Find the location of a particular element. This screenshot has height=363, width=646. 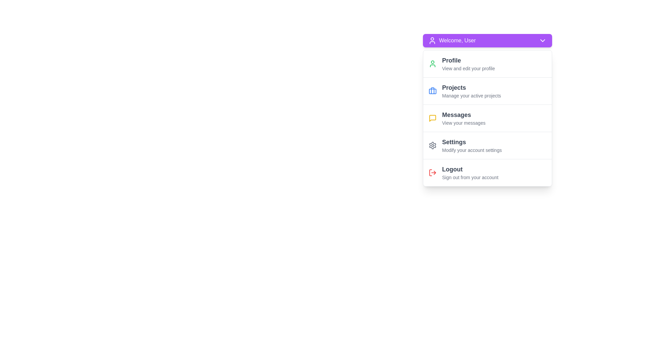

the 'Projects' text label in the interactive menu, which is the second item beneath 'Welcome, User' and above 'Messages' is located at coordinates (471, 91).